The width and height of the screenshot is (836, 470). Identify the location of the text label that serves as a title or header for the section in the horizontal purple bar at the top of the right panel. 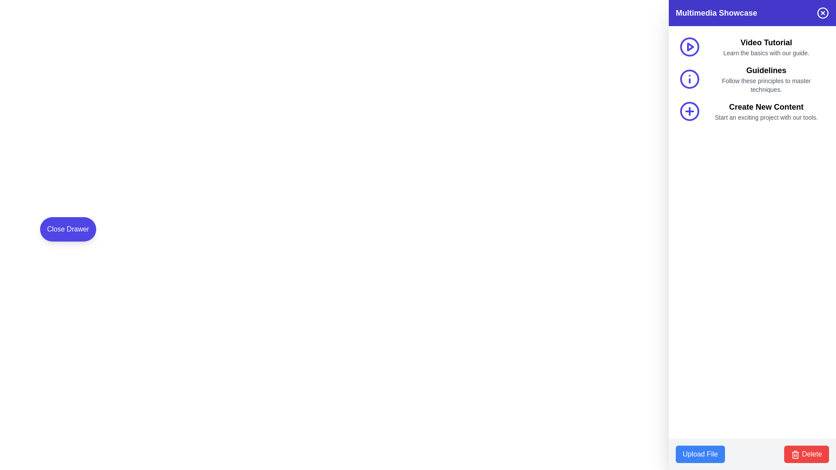
(716, 13).